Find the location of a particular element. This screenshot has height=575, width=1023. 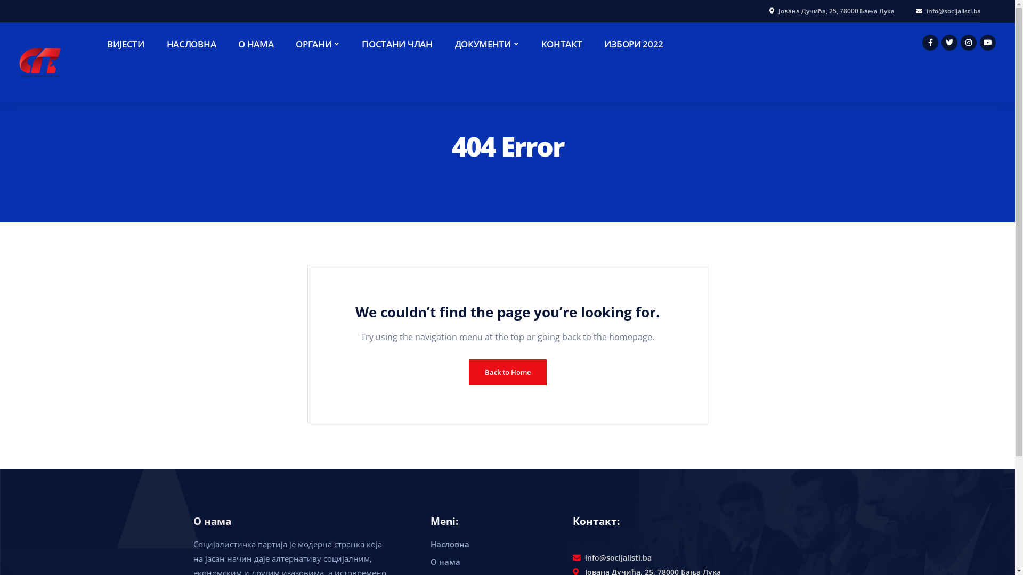

'Facebook' is located at coordinates (930, 42).